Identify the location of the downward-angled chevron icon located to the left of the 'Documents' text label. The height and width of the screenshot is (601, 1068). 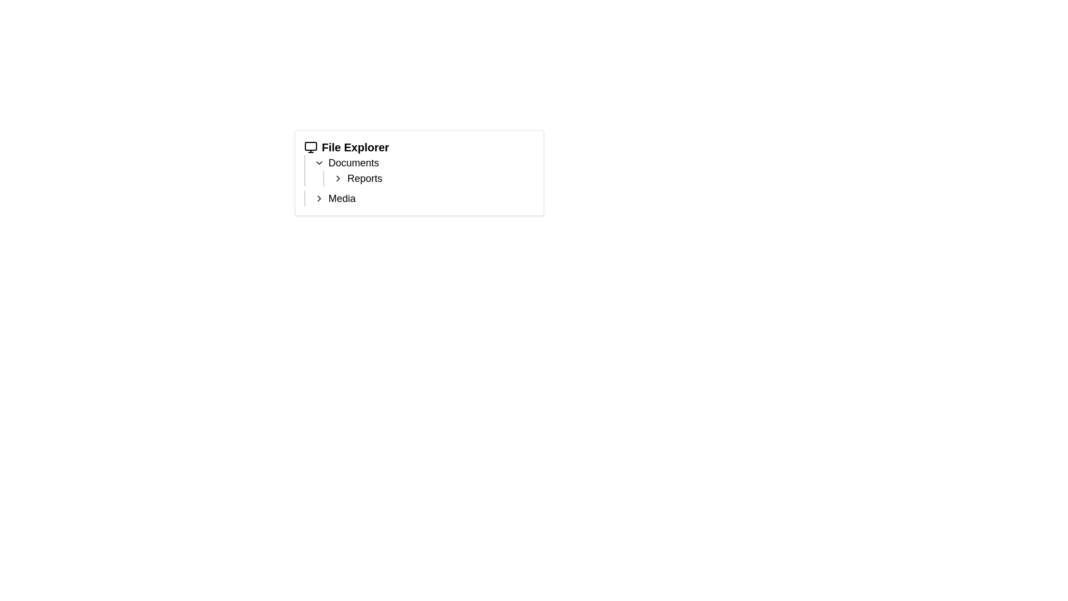
(318, 163).